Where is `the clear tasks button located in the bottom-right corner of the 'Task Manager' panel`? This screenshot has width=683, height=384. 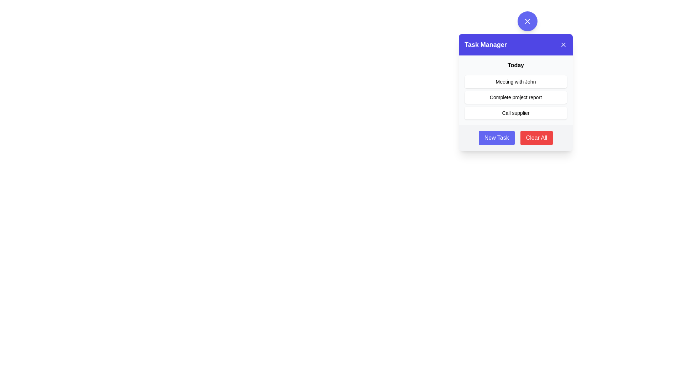 the clear tasks button located in the bottom-right corner of the 'Task Manager' panel is located at coordinates (536, 138).